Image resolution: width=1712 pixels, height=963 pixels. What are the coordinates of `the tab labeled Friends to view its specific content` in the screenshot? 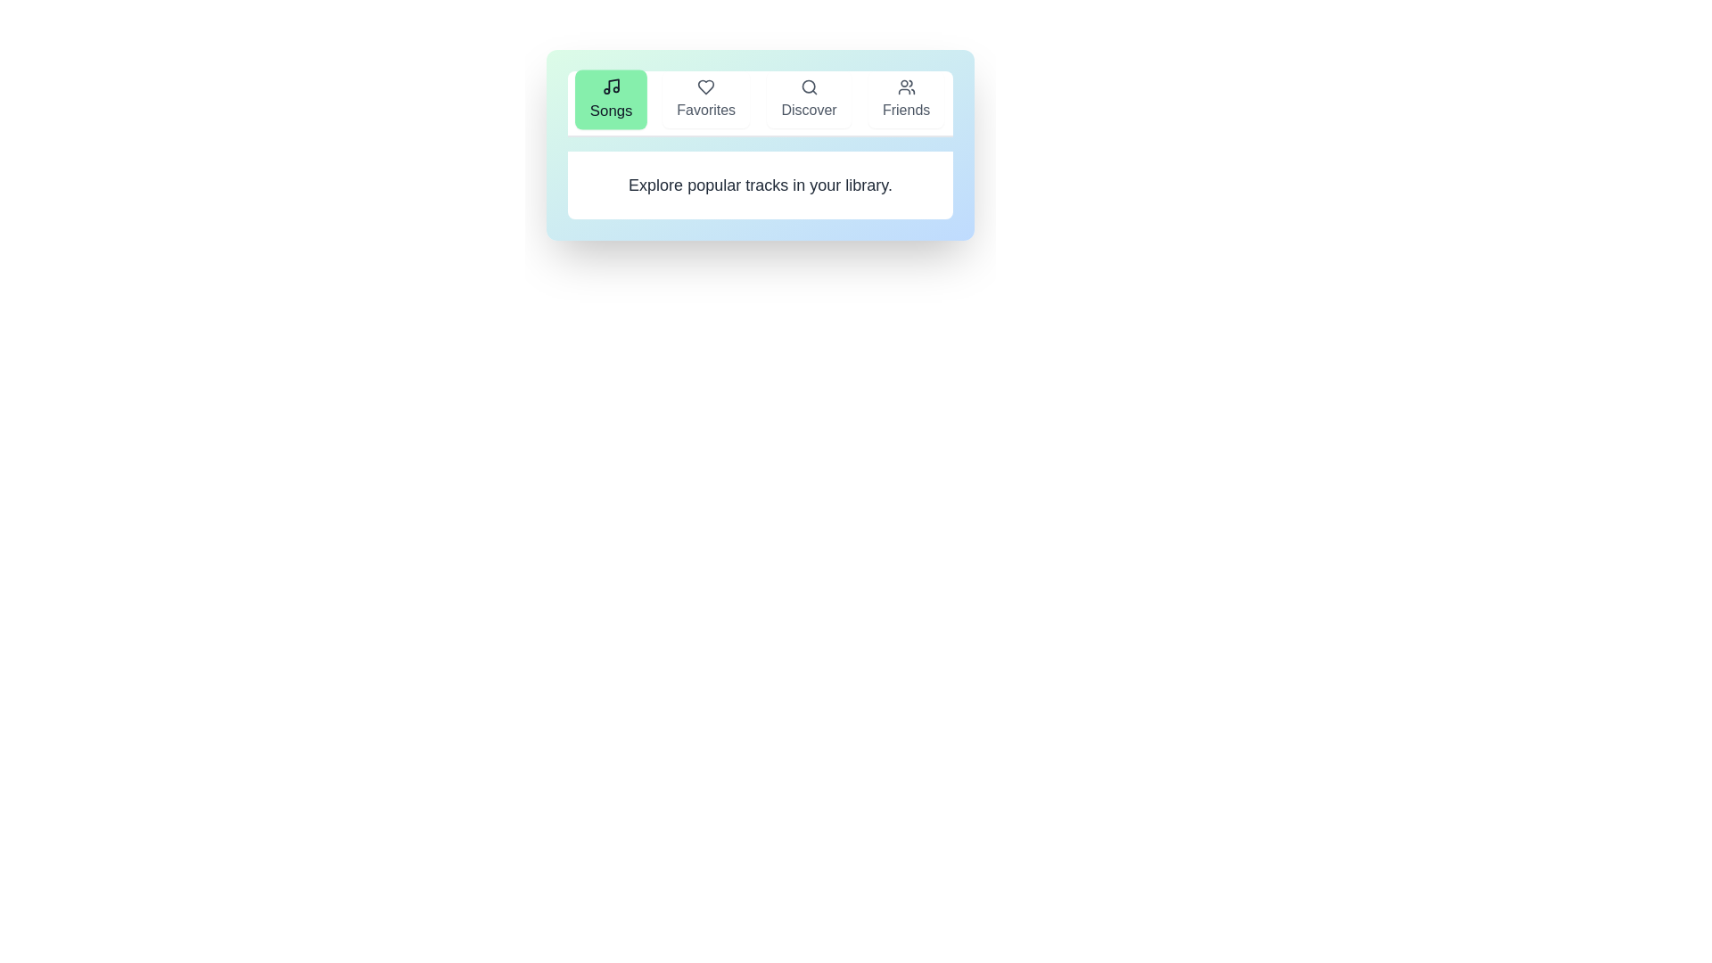 It's located at (906, 99).